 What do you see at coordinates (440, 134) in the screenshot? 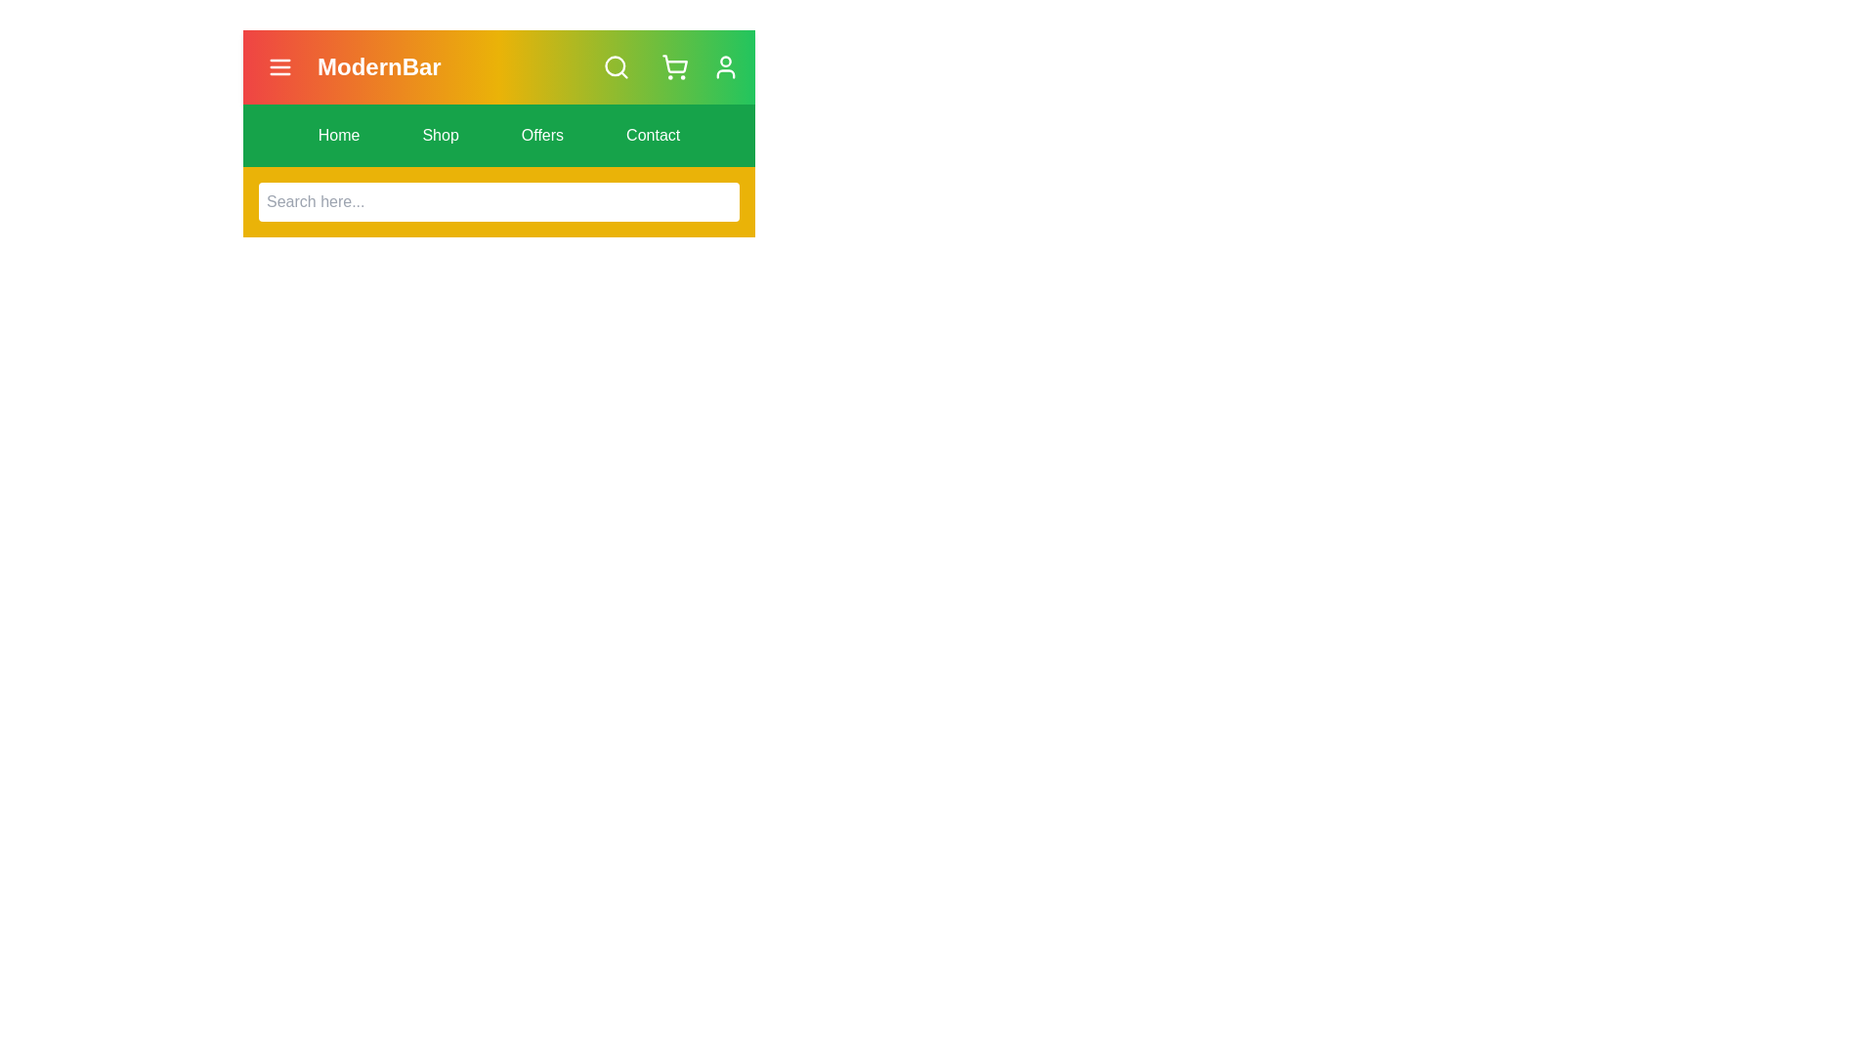
I see `the navigation menu item labeled Shop` at bounding box center [440, 134].